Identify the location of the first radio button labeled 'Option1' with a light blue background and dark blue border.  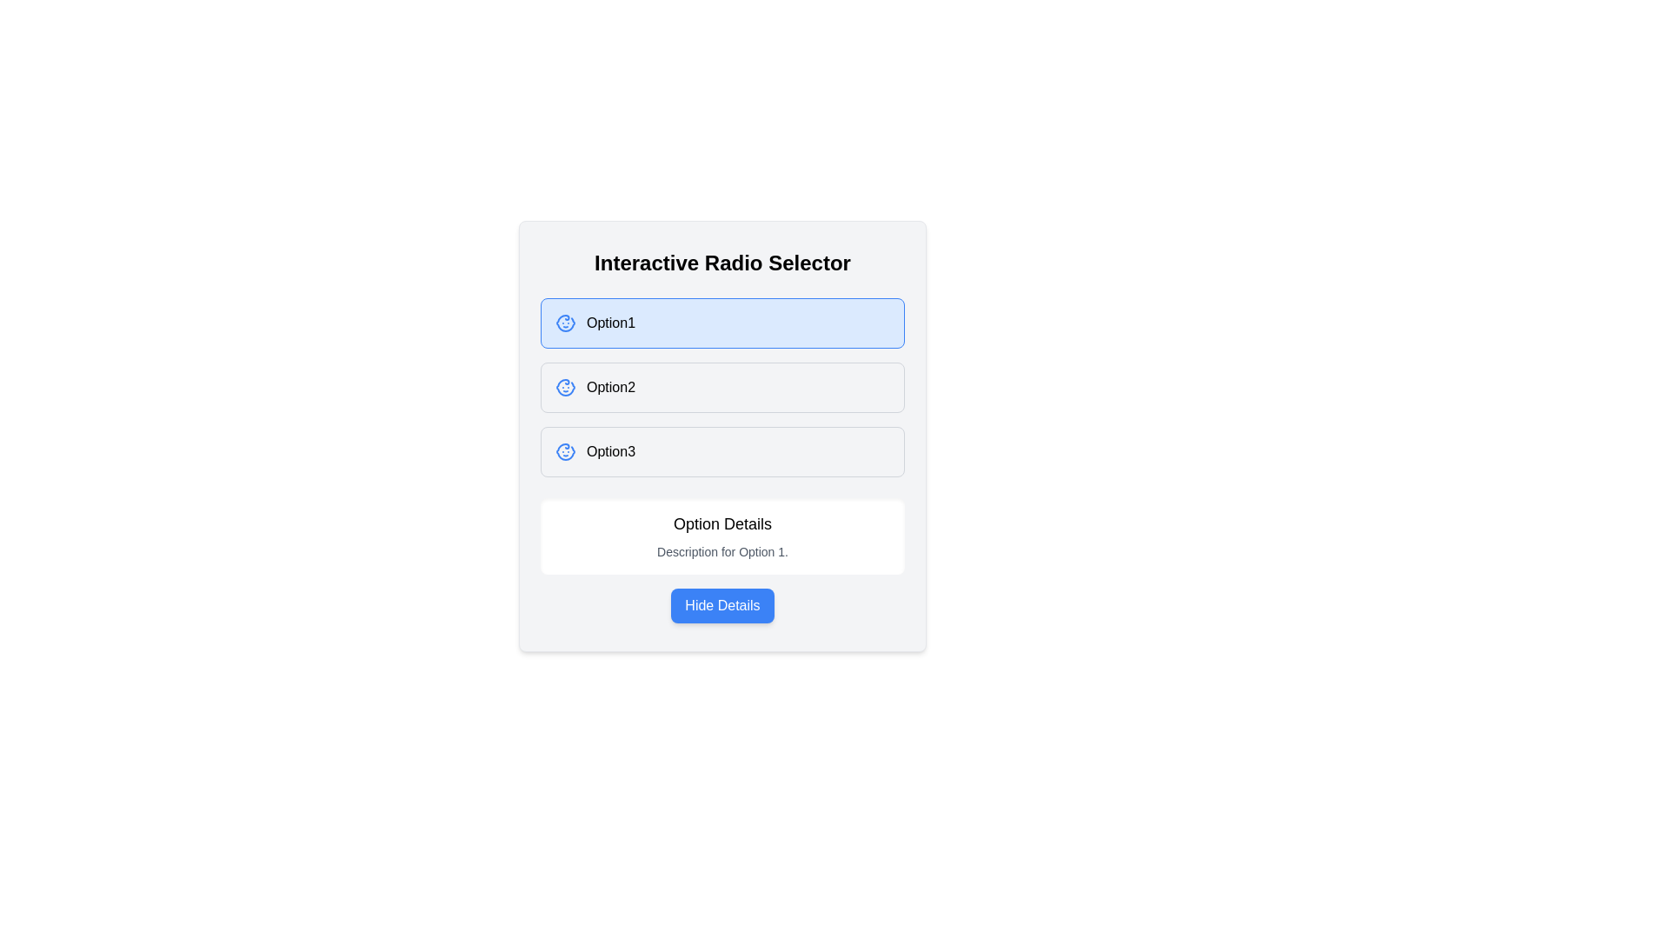
(722, 323).